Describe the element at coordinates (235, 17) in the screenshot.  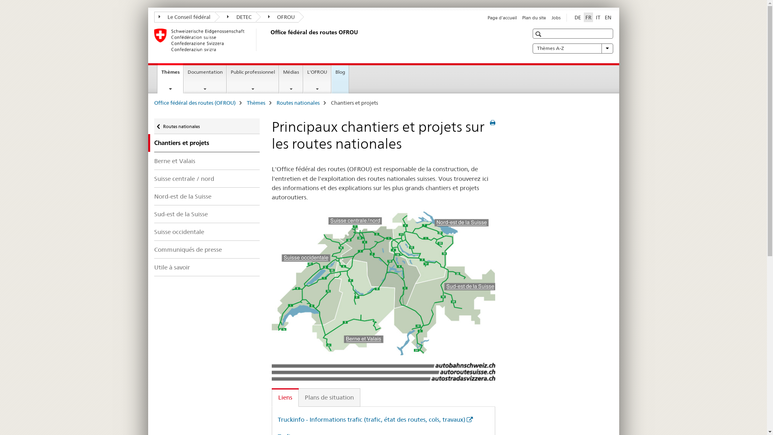
I see `'DETEC'` at that location.